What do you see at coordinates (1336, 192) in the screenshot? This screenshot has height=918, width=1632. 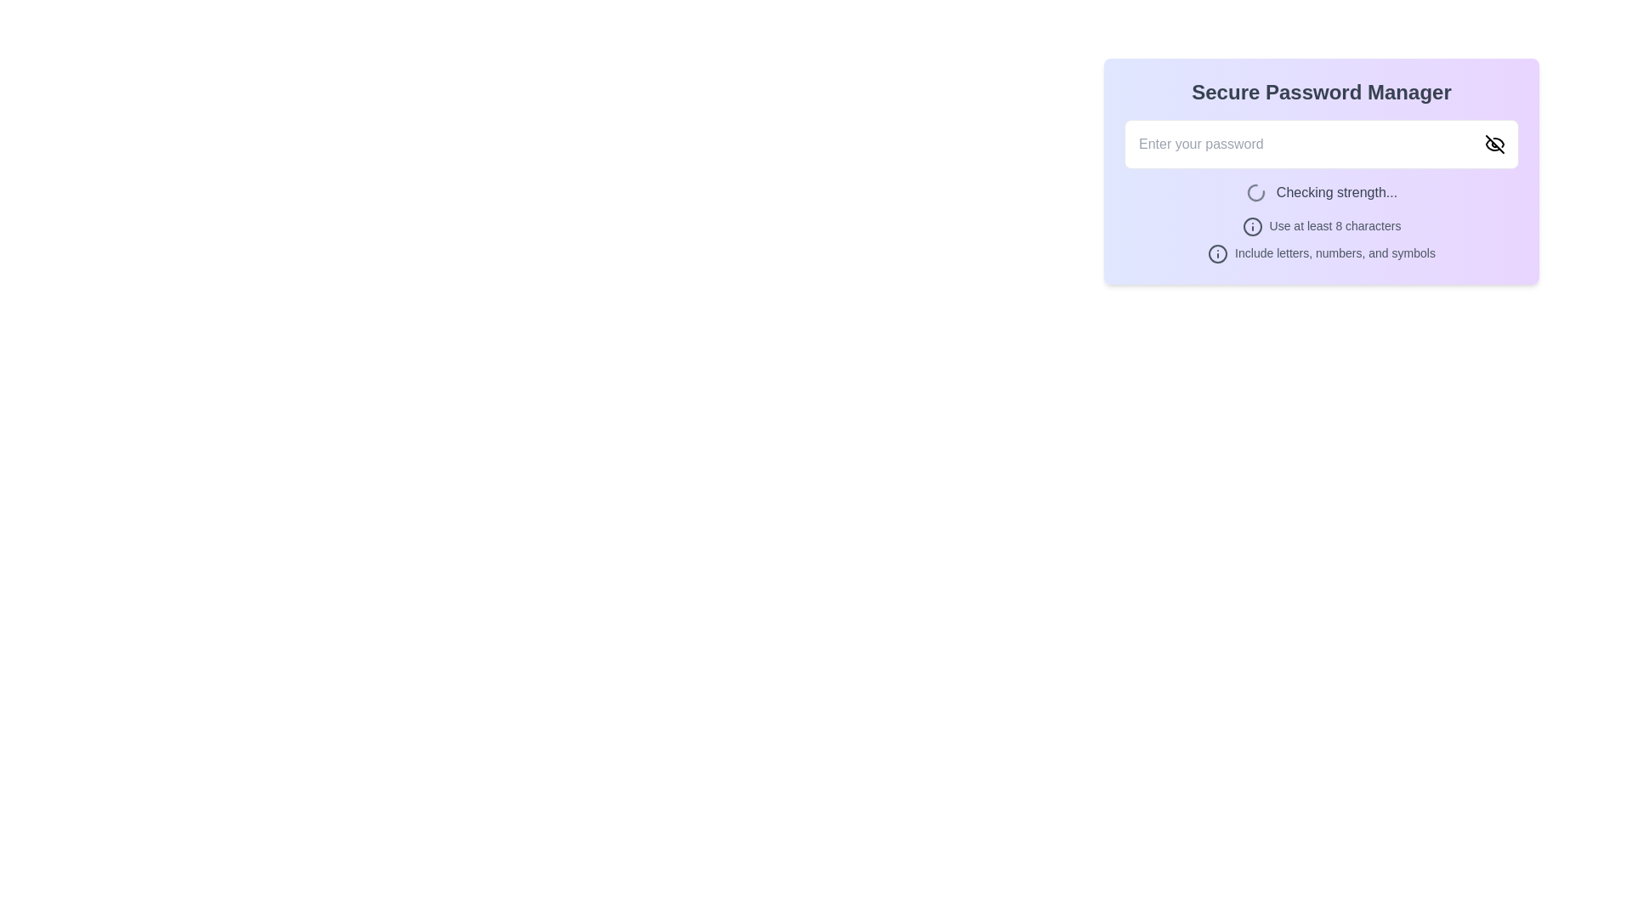 I see `the text label that provides feedback about the password strength checking, located to the right of the spinning loader icon in the password manager input form` at bounding box center [1336, 192].